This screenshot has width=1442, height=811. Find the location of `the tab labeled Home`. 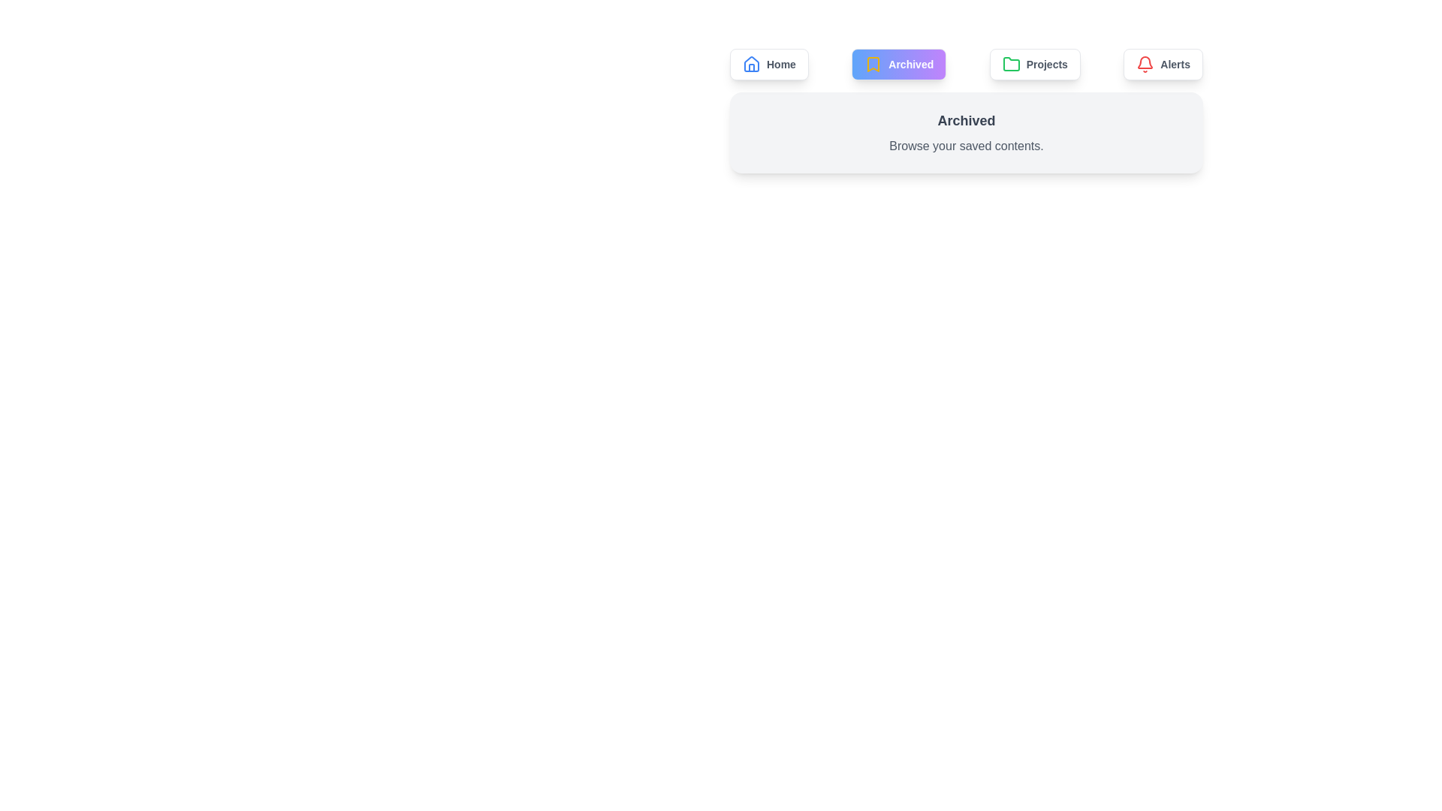

the tab labeled Home is located at coordinates (769, 63).